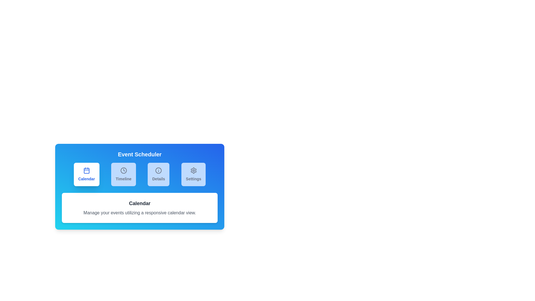 The width and height of the screenshot is (535, 301). Describe the element at coordinates (123, 174) in the screenshot. I see `the tab labeled Timeline` at that location.